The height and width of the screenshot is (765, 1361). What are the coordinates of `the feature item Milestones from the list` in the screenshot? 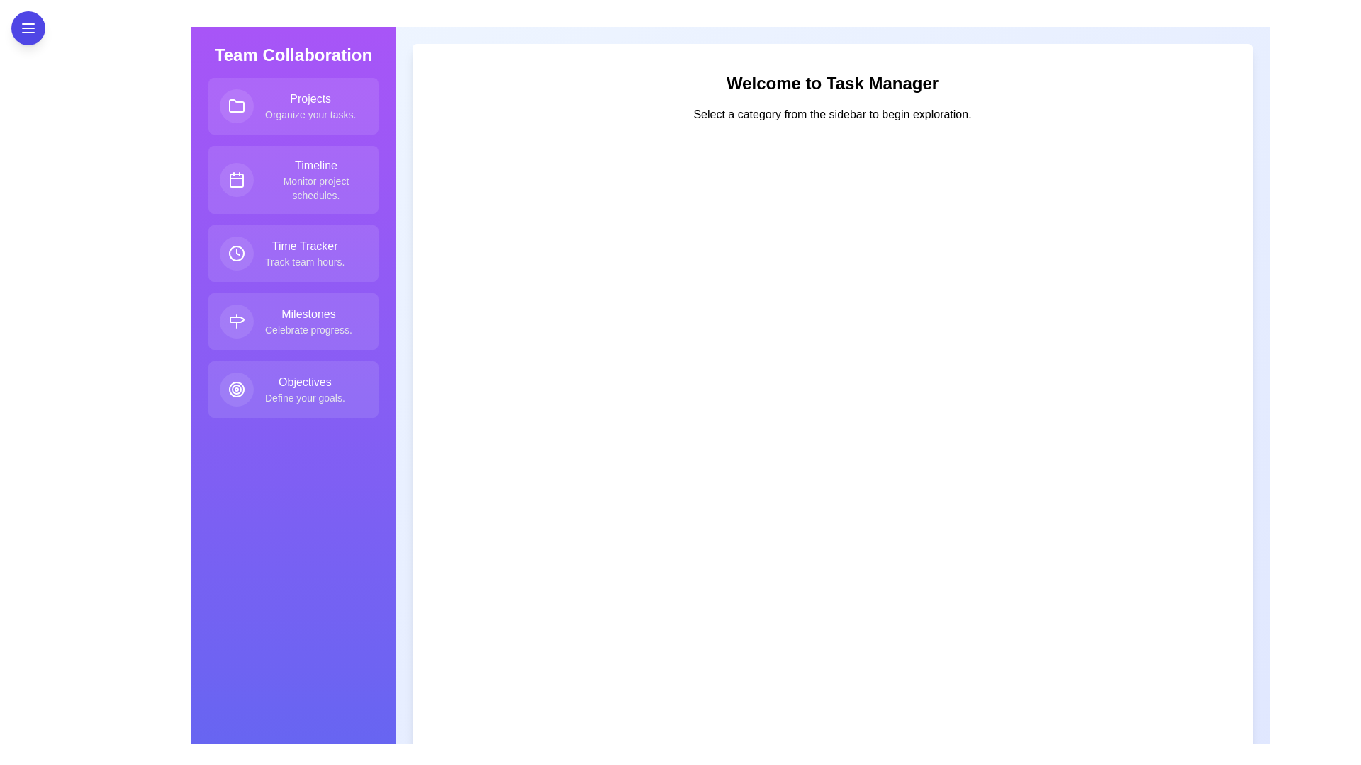 It's located at (292, 322).